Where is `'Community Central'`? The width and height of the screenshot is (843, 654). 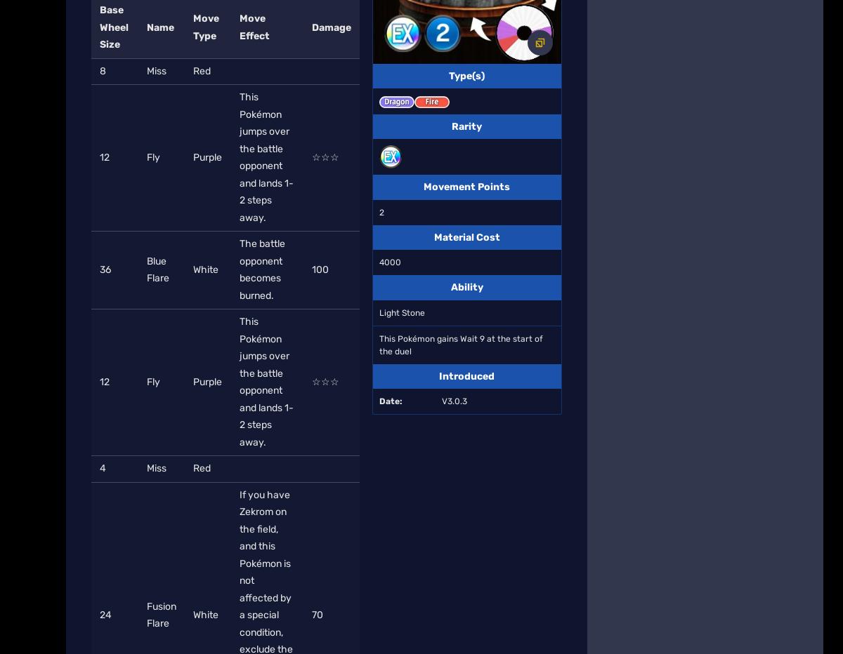 'Community Central' is located at coordinates (495, 171).